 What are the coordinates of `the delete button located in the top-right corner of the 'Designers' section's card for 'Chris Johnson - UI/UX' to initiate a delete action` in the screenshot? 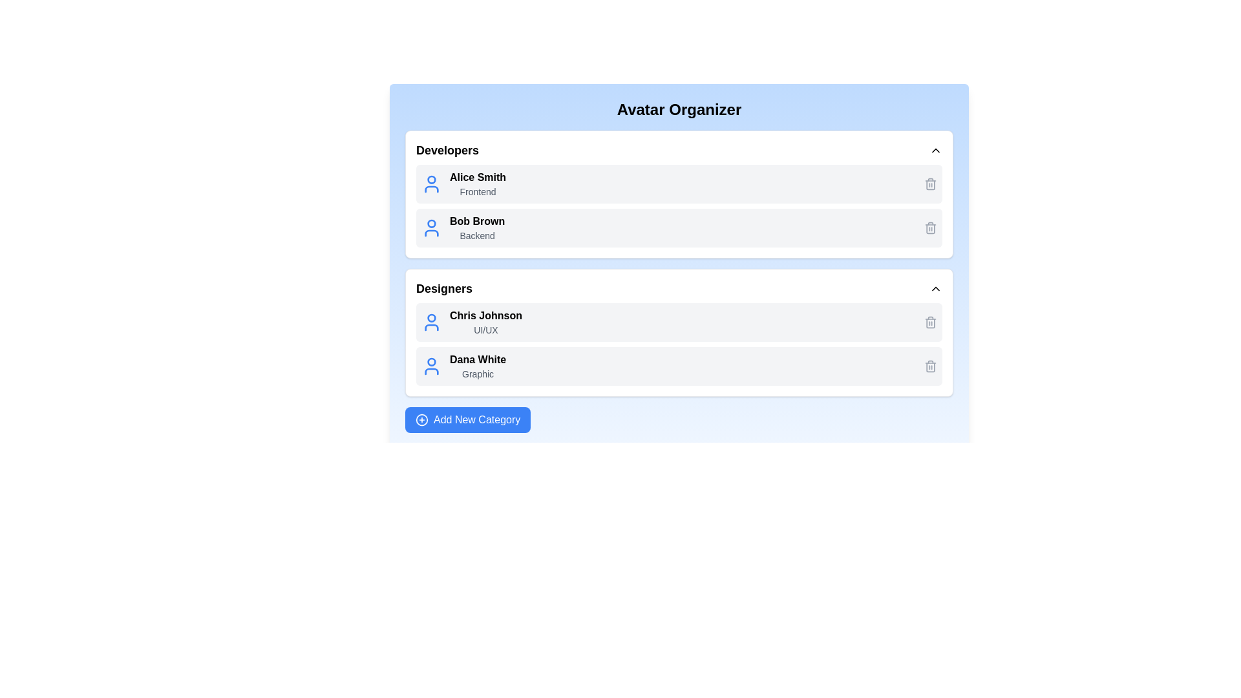 It's located at (931, 321).